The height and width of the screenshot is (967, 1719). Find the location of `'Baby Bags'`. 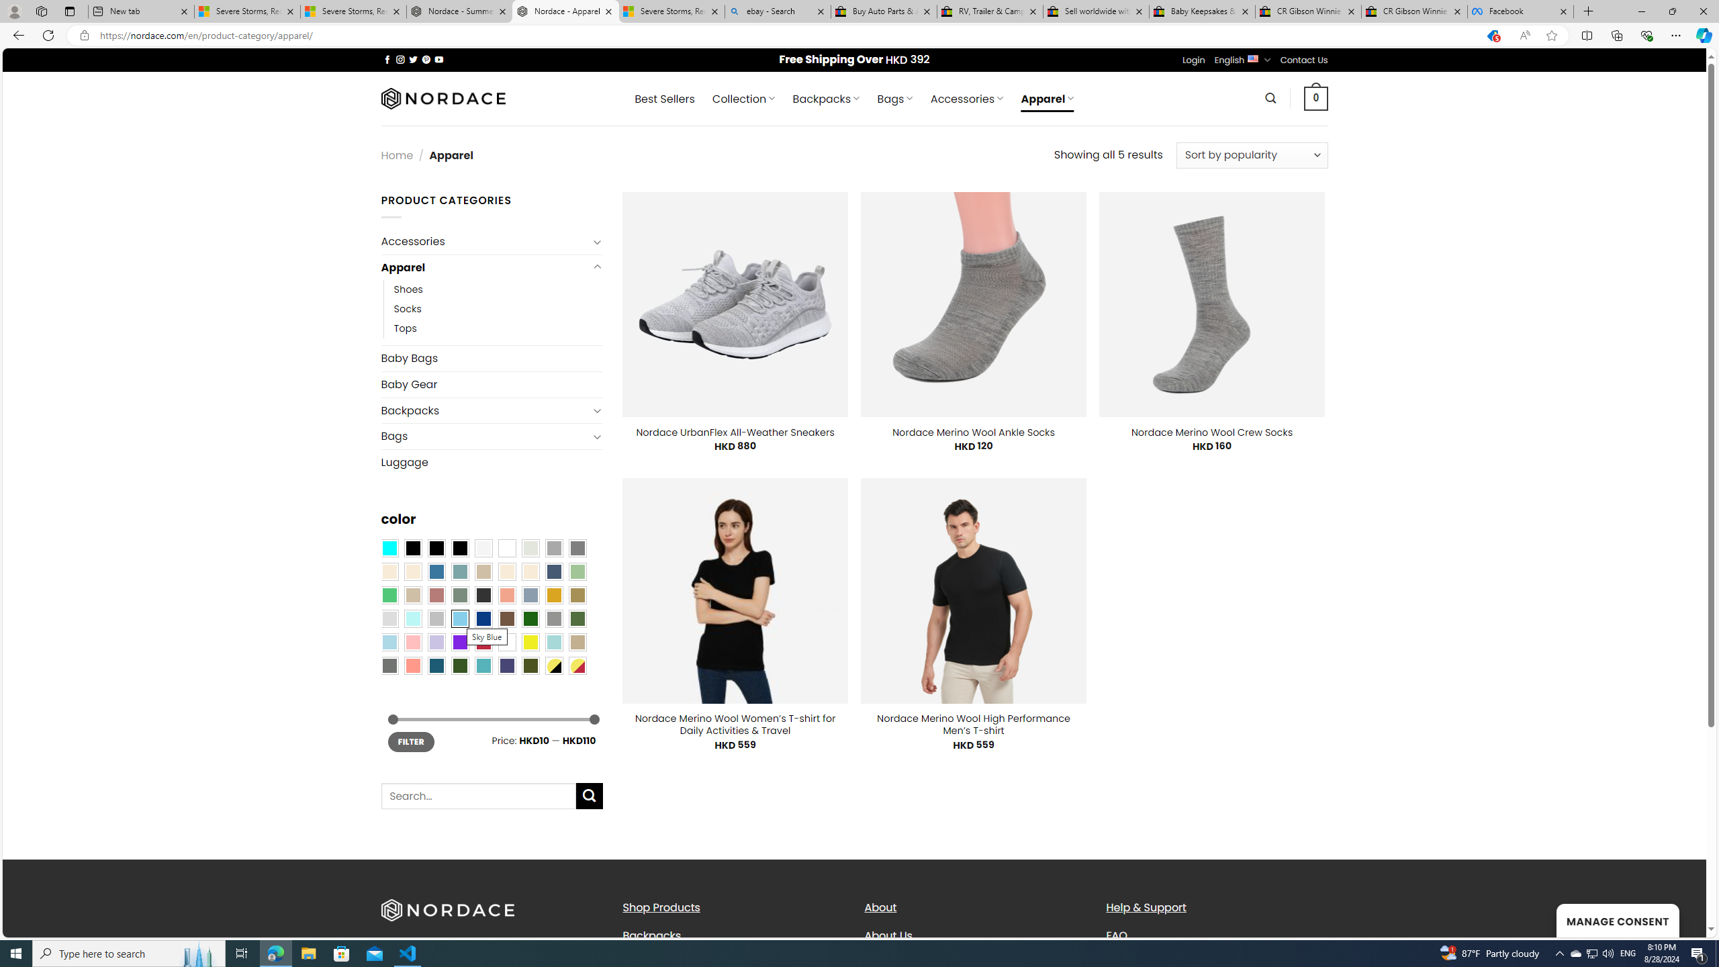

'Baby Bags' is located at coordinates (491, 357).